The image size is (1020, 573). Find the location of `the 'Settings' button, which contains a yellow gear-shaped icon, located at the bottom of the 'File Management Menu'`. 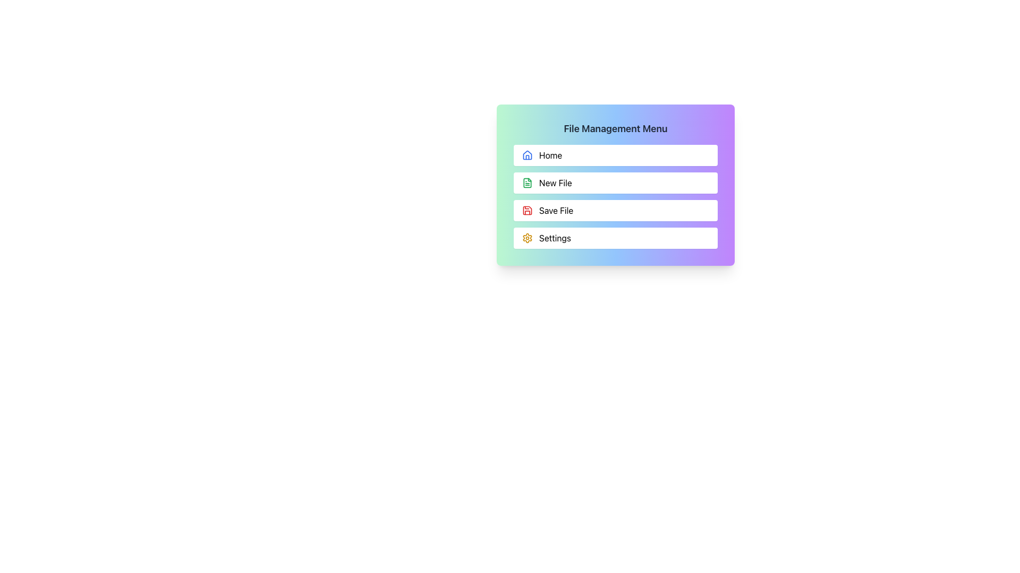

the 'Settings' button, which contains a yellow gear-shaped icon, located at the bottom of the 'File Management Menu' is located at coordinates (528, 237).